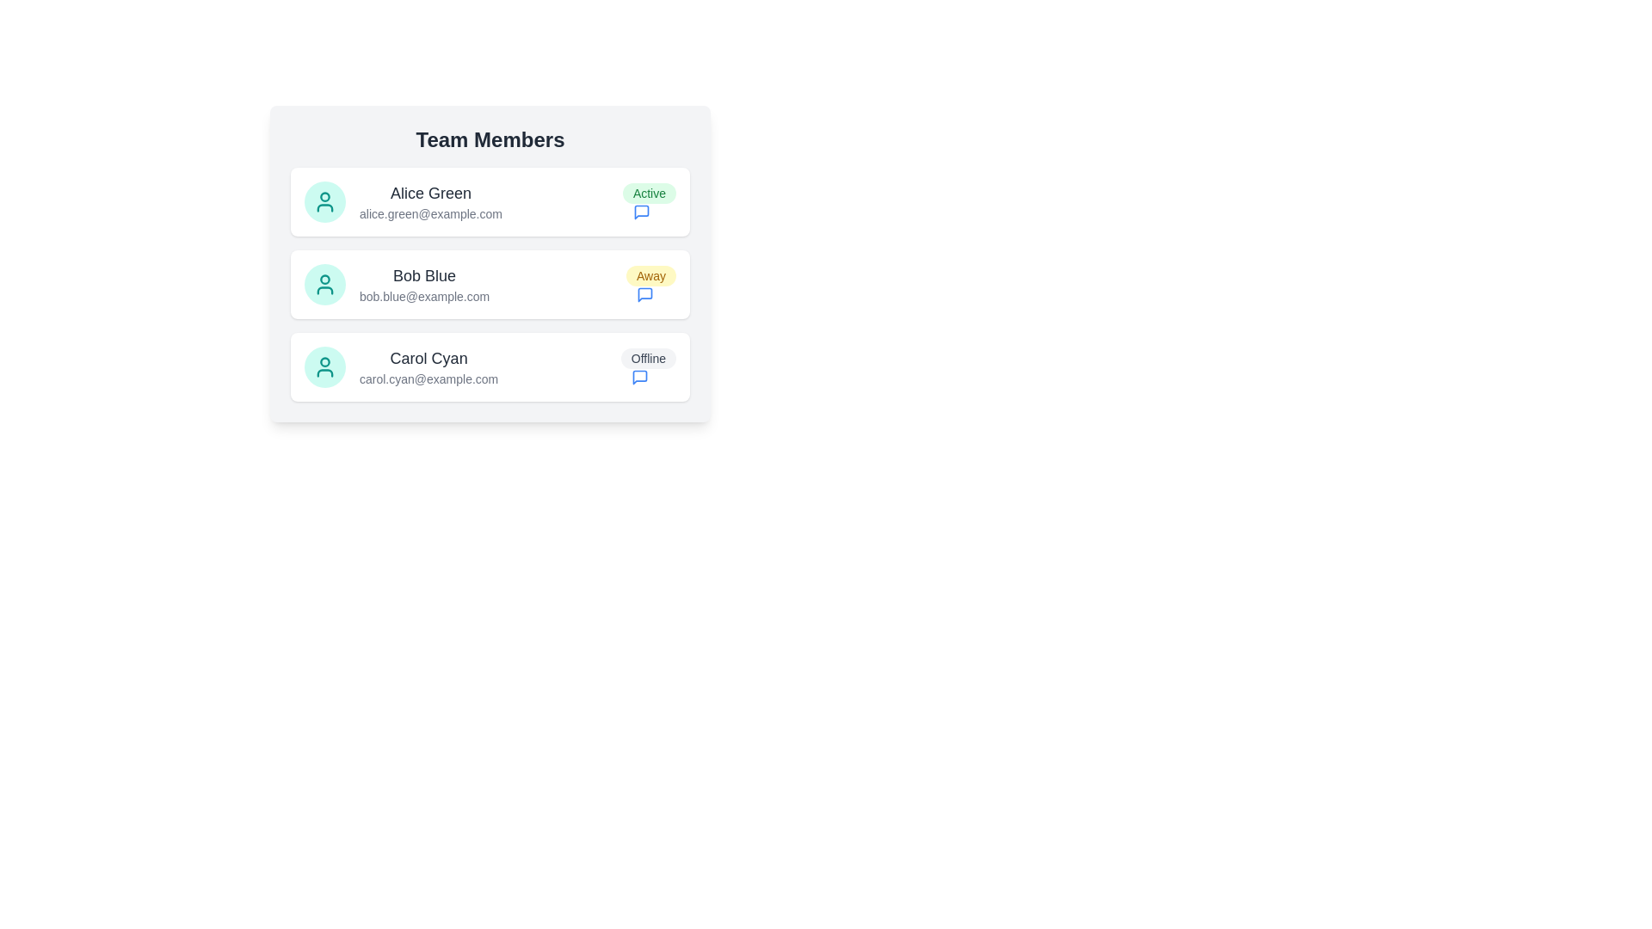 The height and width of the screenshot is (929, 1652). What do you see at coordinates (325, 278) in the screenshot?
I see `the circular graphic element that represents the user 'Bob Blue' in the team member list, located to the left of the user's name` at bounding box center [325, 278].